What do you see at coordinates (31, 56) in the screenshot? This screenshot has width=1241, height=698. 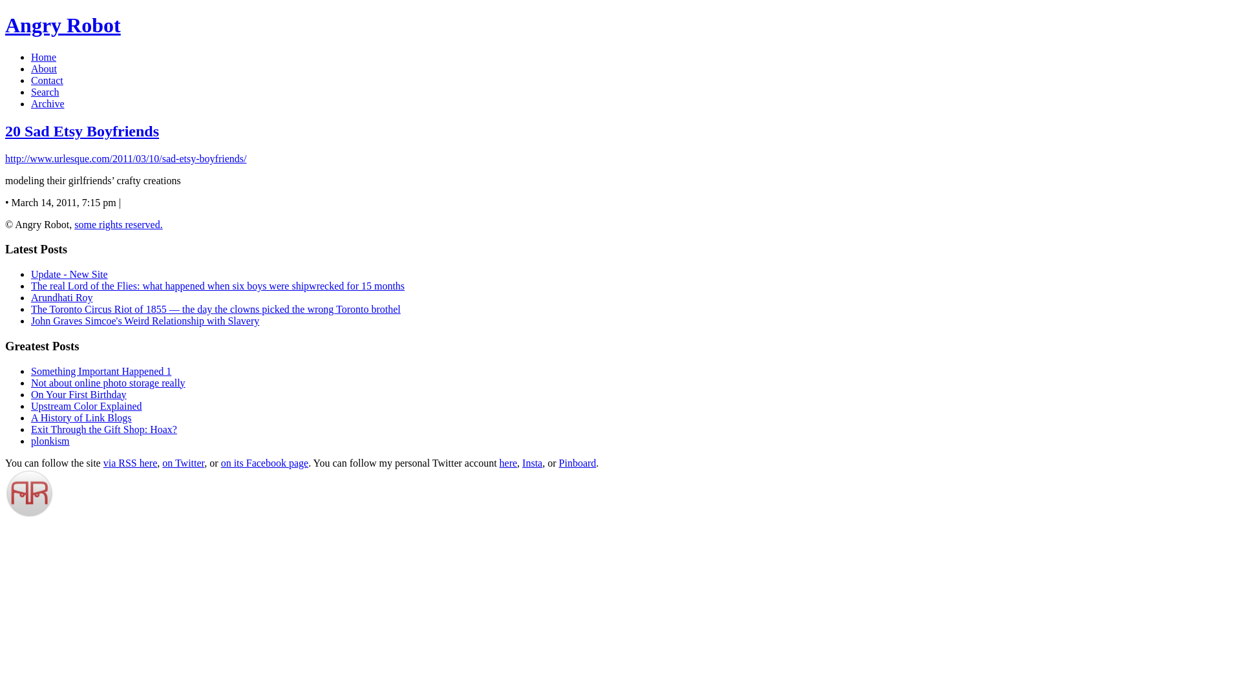 I see `'Home'` at bounding box center [31, 56].